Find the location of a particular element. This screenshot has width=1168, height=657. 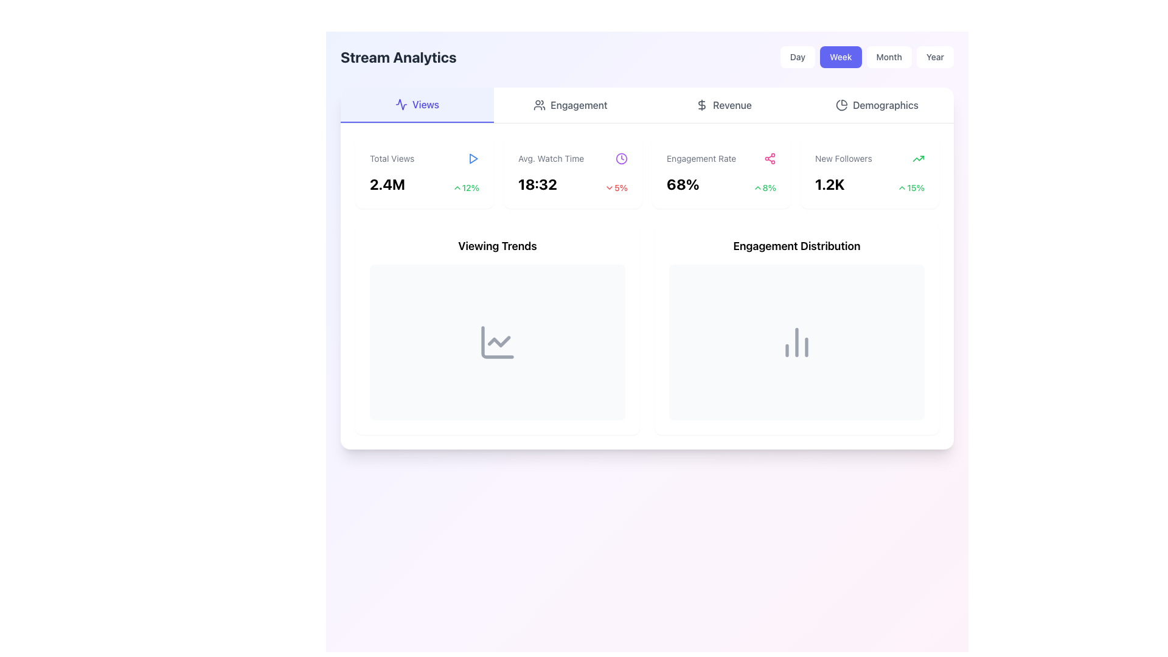

the 'Engagement' button in the navigation menu, which is styled with a group of people icon and located between 'Views' and 'Revenue' is located at coordinates (569, 105).